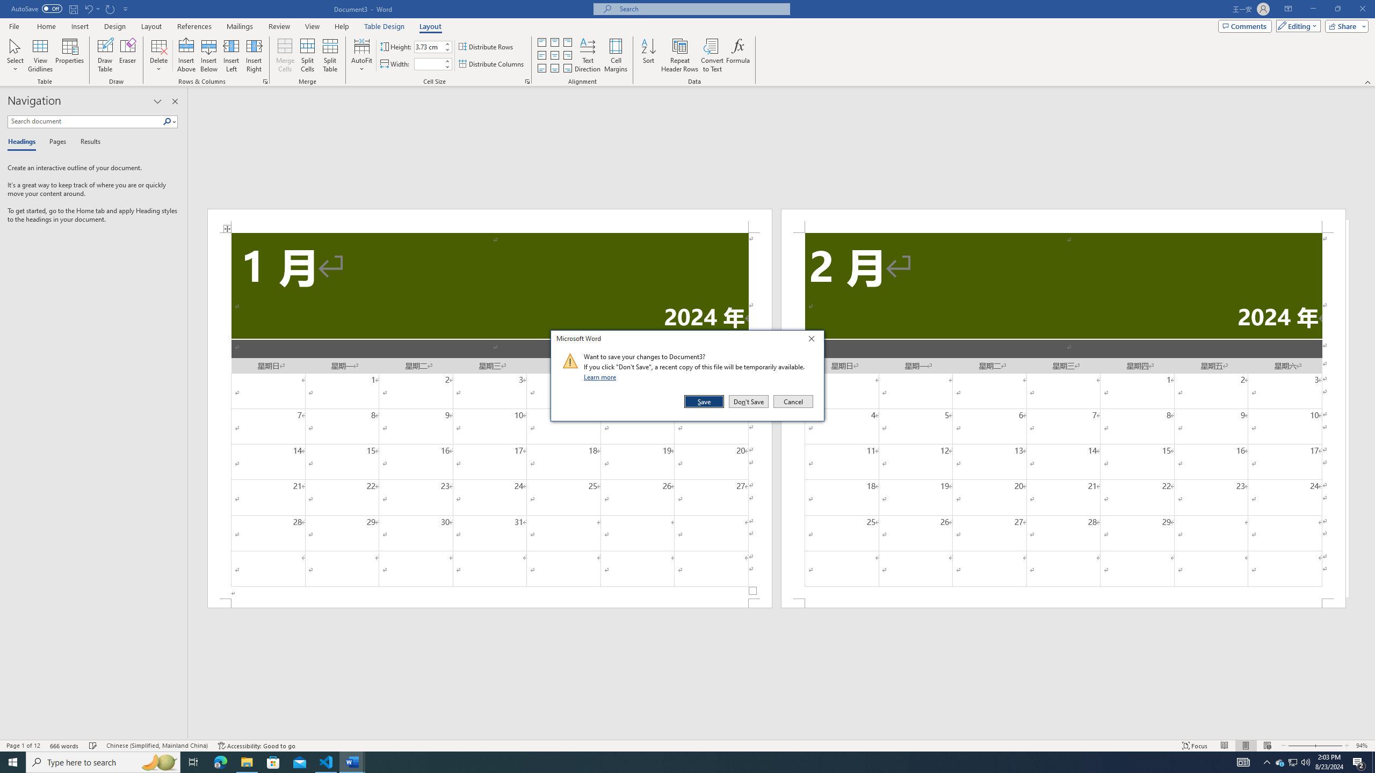  Describe the element at coordinates (1267, 761) in the screenshot. I see `'Notification Chevron'` at that location.